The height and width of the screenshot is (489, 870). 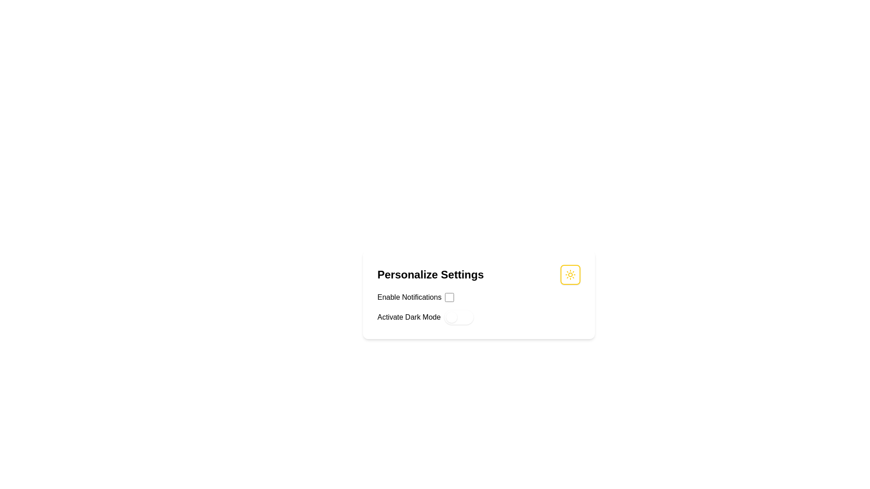 What do you see at coordinates (570, 274) in the screenshot?
I see `the sun-like icon in the top-right corner of the 'Personalize Settings' panel` at bounding box center [570, 274].